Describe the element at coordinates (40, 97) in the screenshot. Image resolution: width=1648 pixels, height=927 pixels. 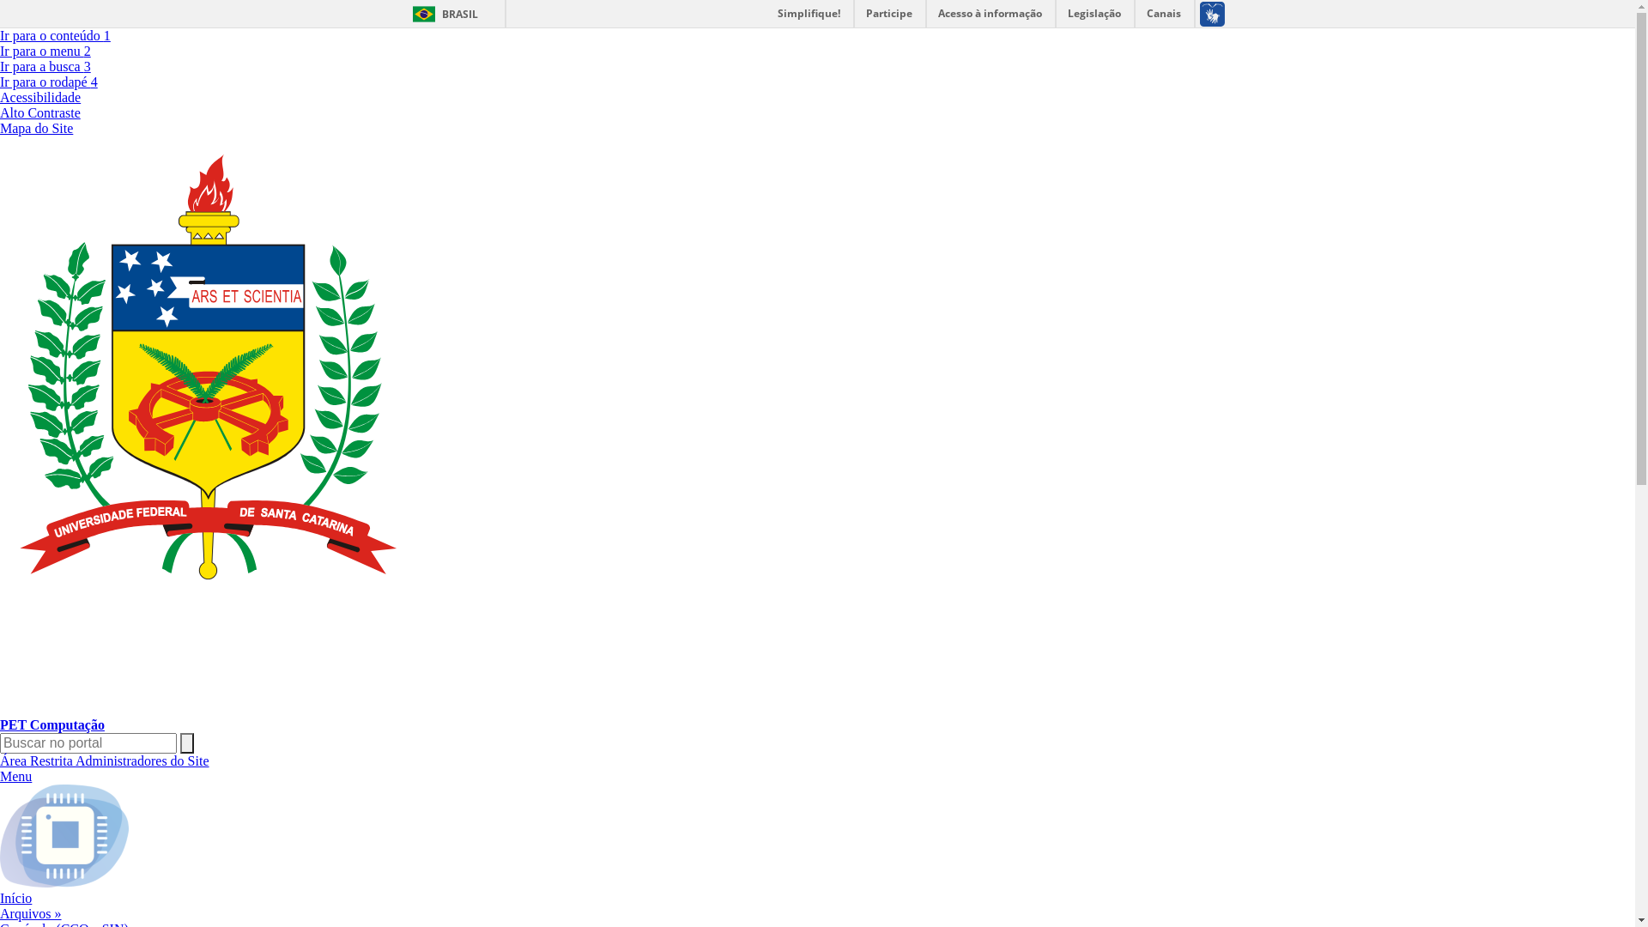
I see `'Acessibilidade'` at that location.